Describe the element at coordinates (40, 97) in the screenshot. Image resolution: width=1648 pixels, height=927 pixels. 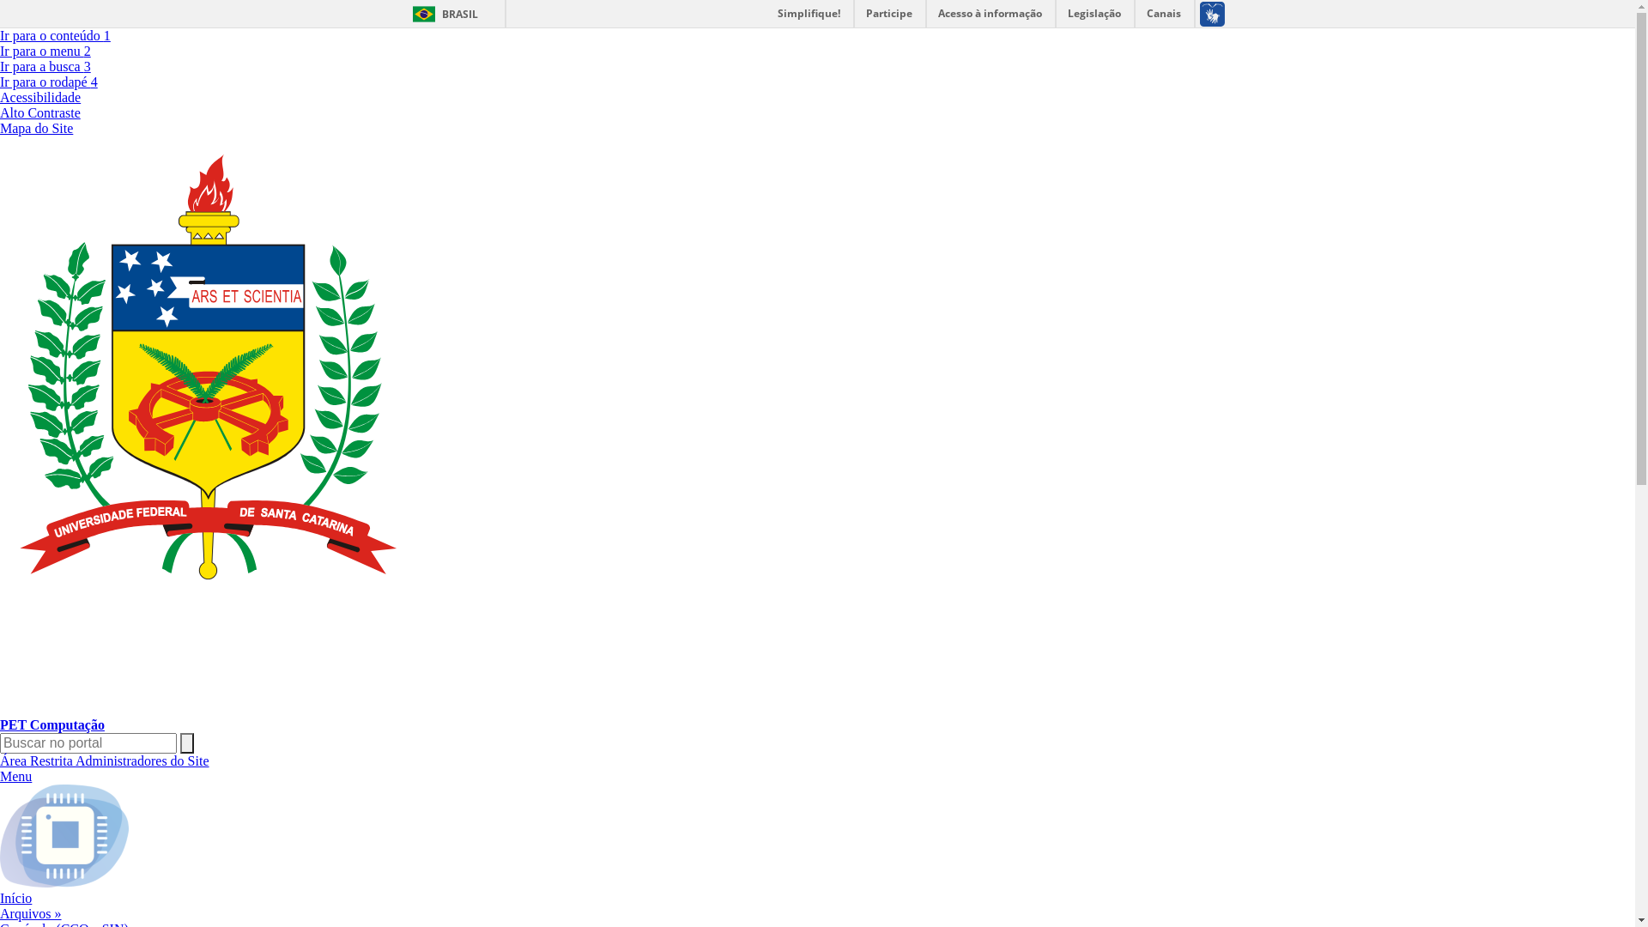
I see `'Acessibilidade'` at that location.